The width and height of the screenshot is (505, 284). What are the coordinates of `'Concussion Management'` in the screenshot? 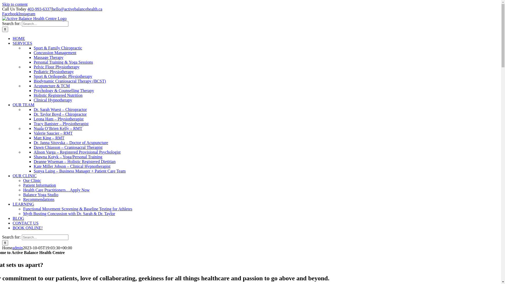 It's located at (55, 53).